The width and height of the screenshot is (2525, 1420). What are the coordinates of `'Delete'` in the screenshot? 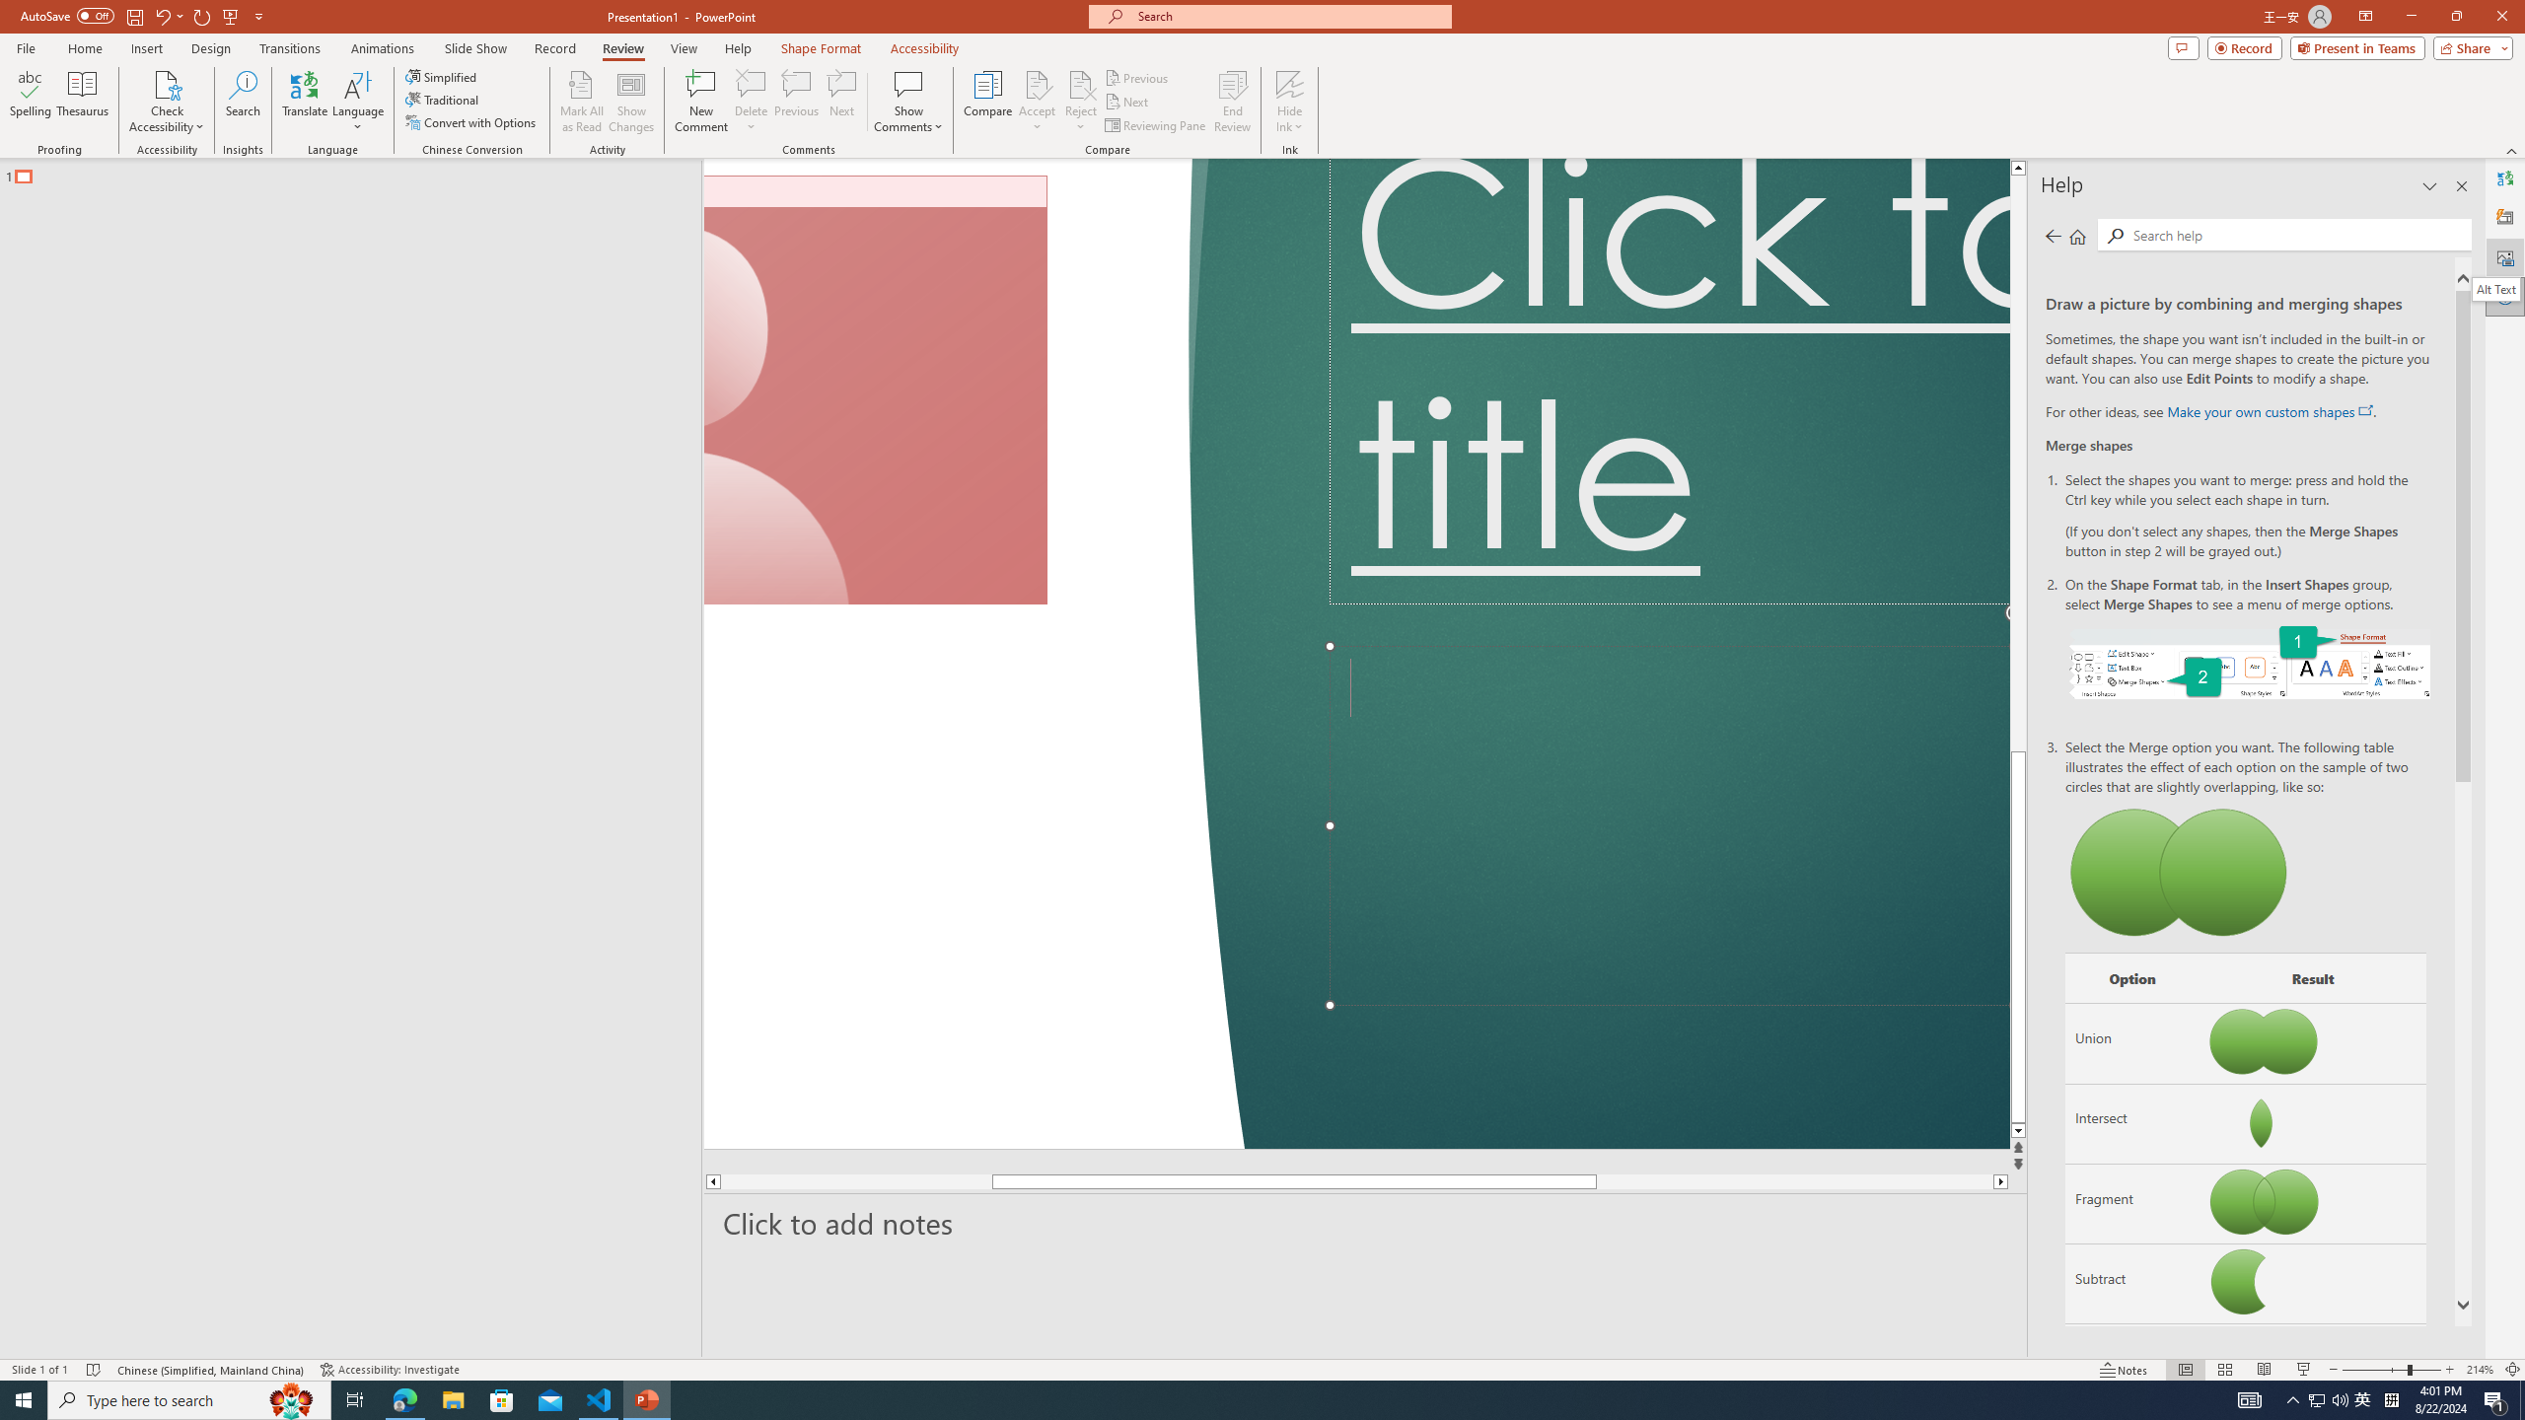 It's located at (751, 102).